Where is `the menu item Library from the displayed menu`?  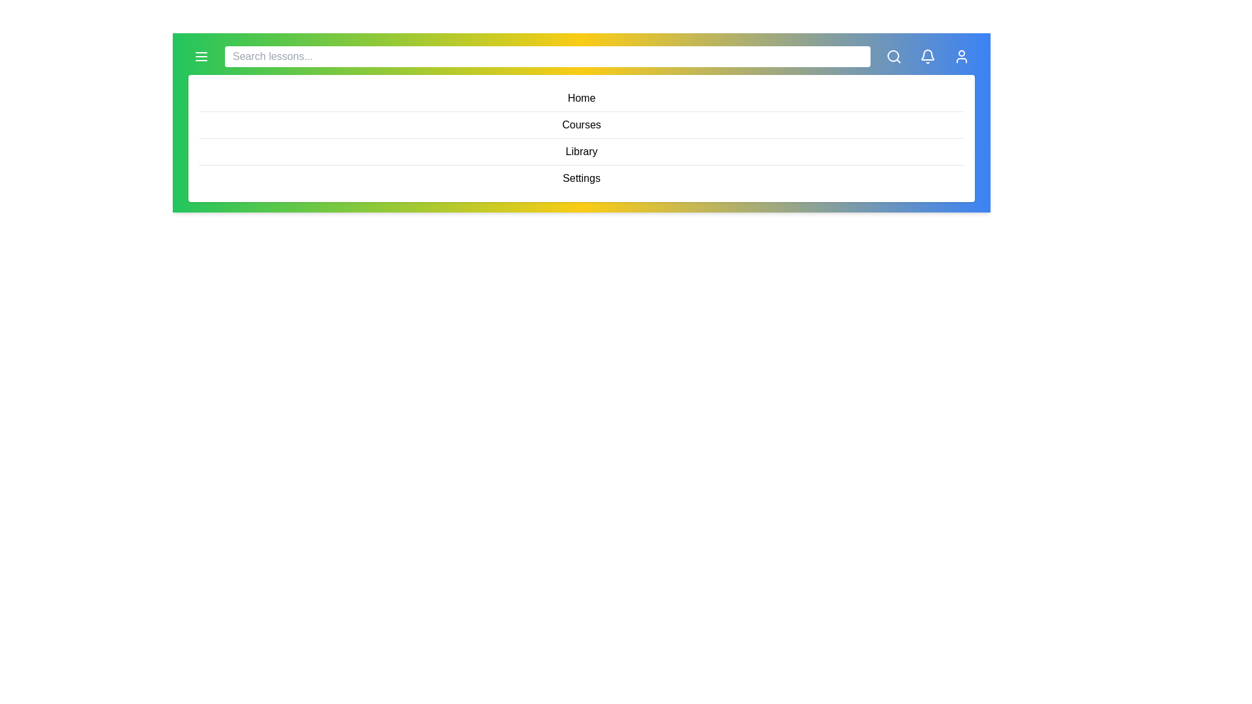 the menu item Library from the displayed menu is located at coordinates (581, 151).